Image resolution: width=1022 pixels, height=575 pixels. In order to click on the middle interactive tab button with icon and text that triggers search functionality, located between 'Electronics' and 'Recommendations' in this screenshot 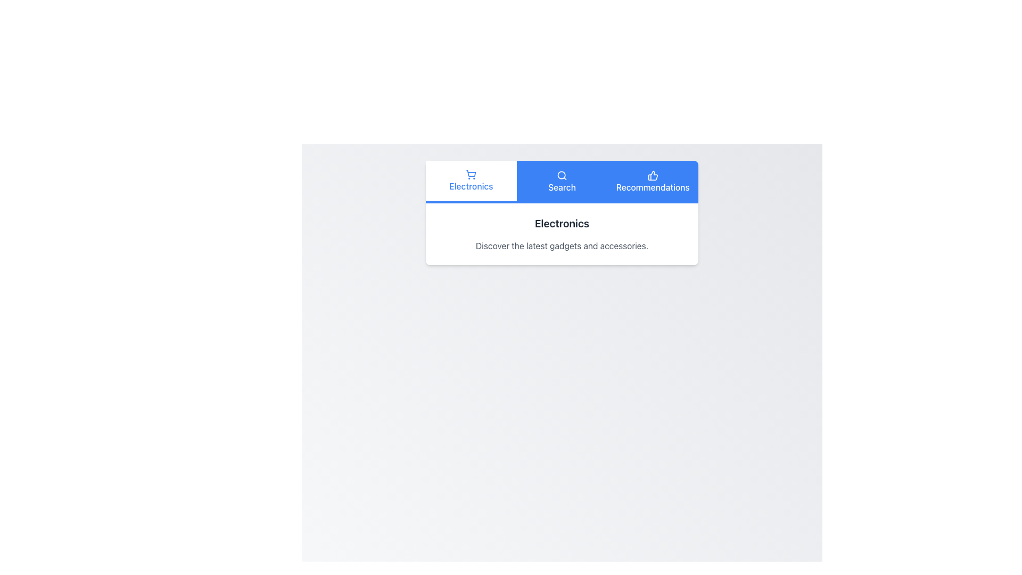, I will do `click(562, 182)`.